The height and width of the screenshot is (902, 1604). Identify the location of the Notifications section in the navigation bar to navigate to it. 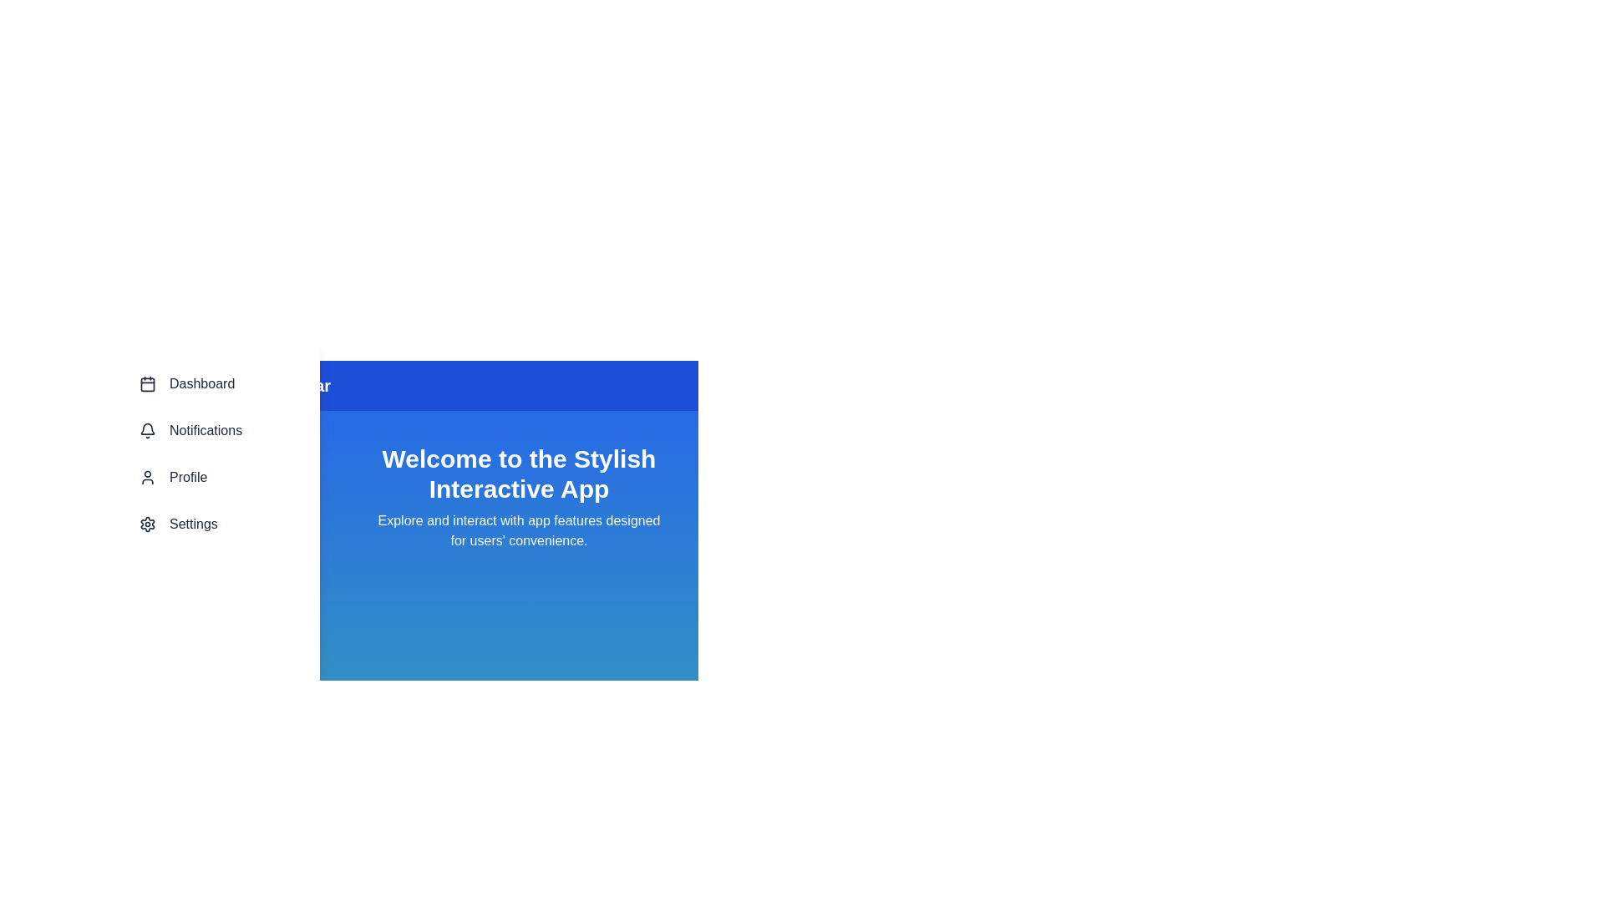
(211, 430).